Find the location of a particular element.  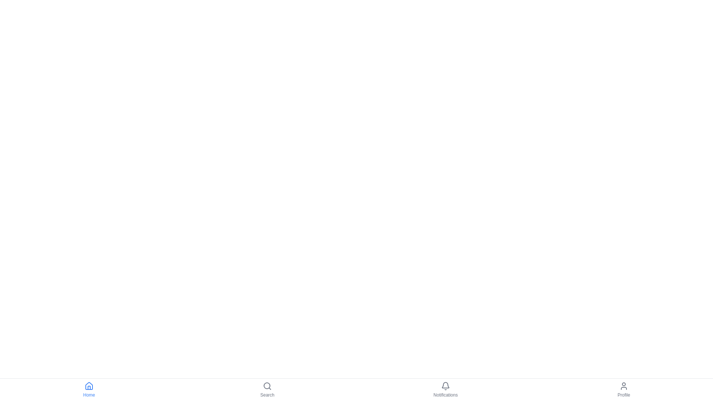

the navigation item labeled Profile is located at coordinates (624, 389).